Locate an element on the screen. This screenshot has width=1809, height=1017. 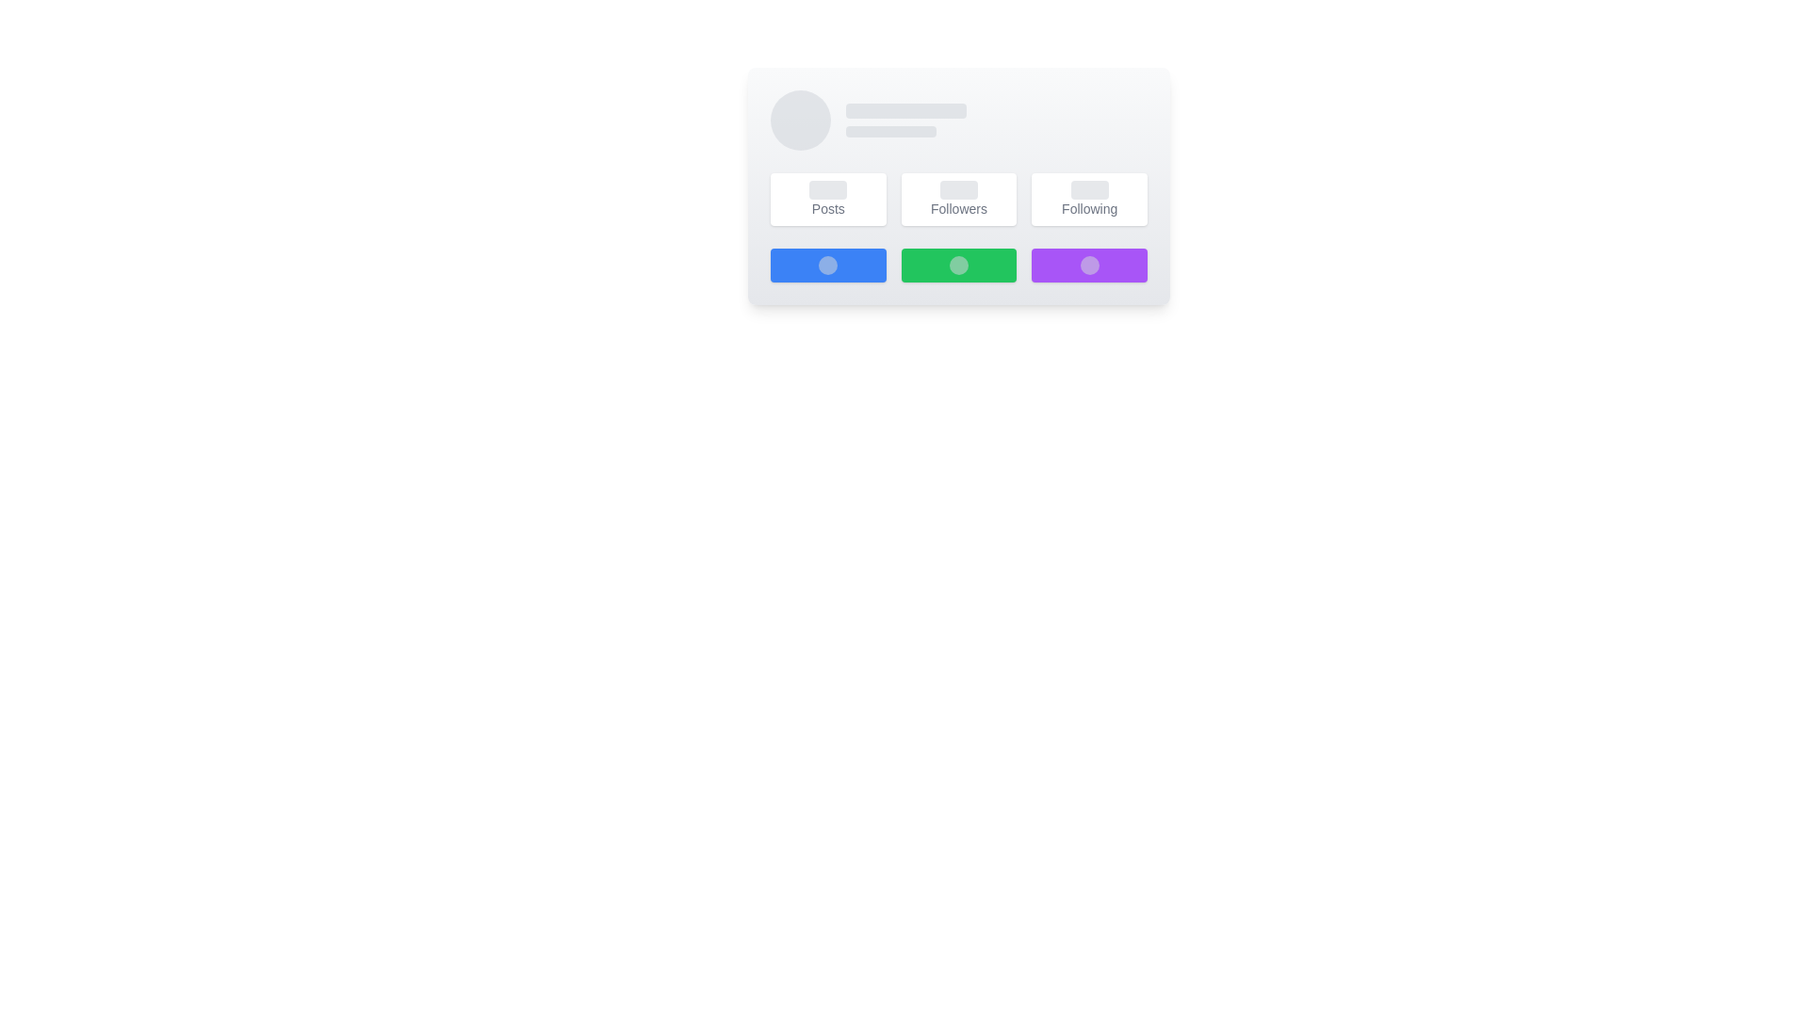
the visual display of the placeholder element located at the top of the 'Posts' card, which is centrally positioned above the 'Posts' text is located at coordinates (828, 189).